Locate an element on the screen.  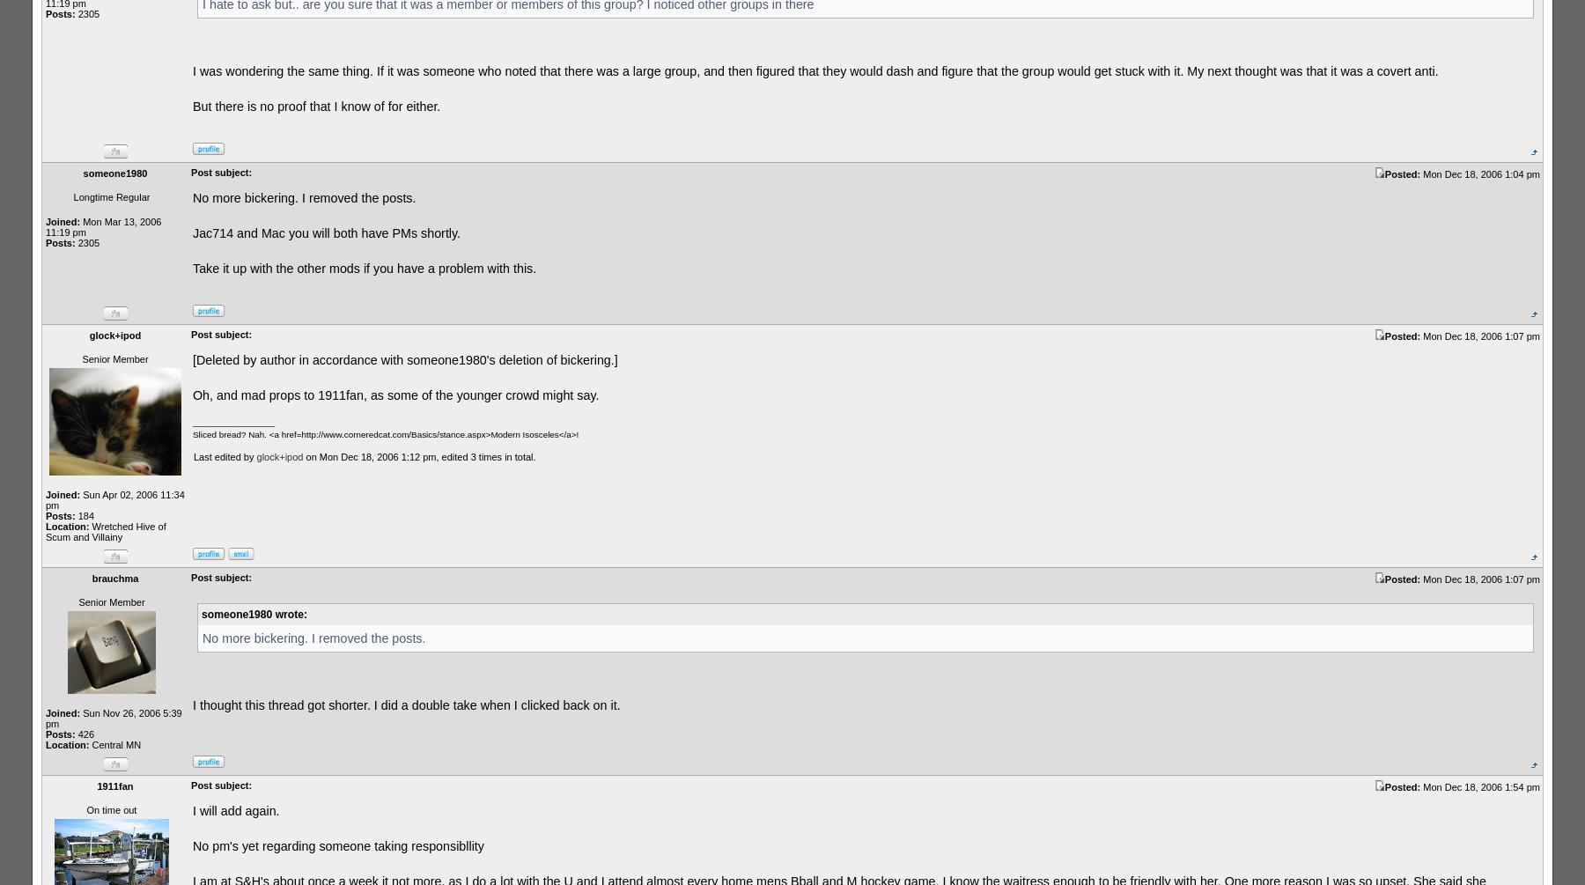
'Wretched Hive of Scum and Villainy' is located at coordinates (45, 530).